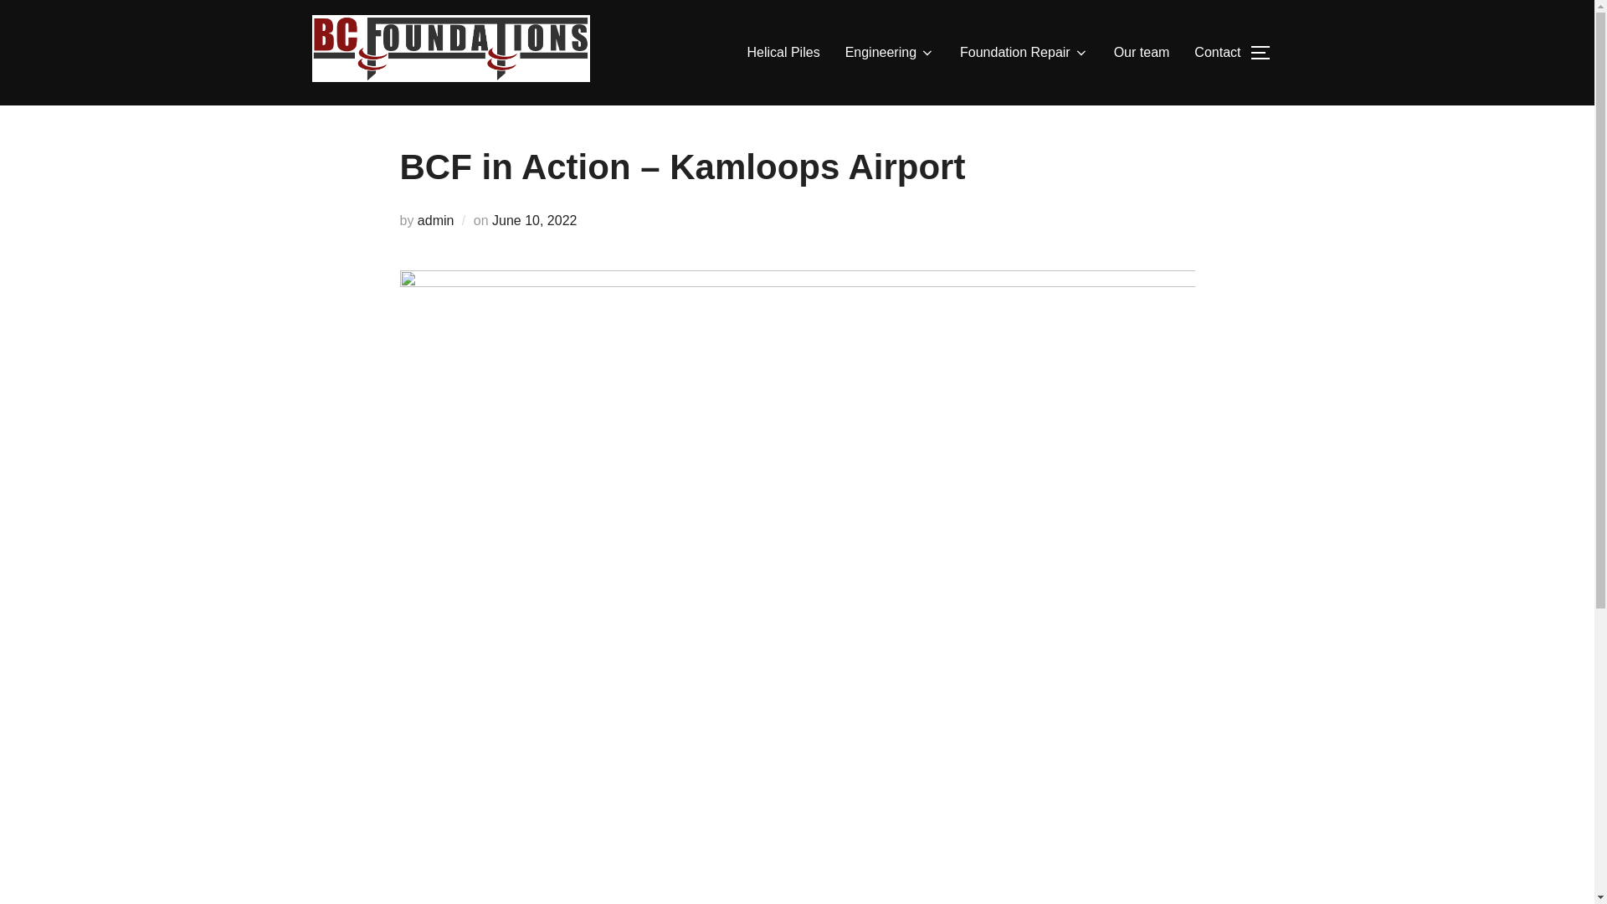  I want to click on 'Contact', so click(1217, 51).